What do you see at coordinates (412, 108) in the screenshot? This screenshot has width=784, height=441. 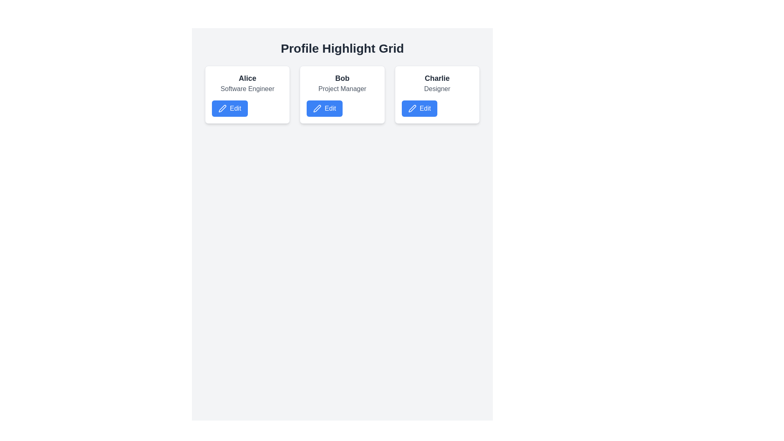 I see `the pen icon located within the 'Edit' button on Charlie's profile card` at bounding box center [412, 108].